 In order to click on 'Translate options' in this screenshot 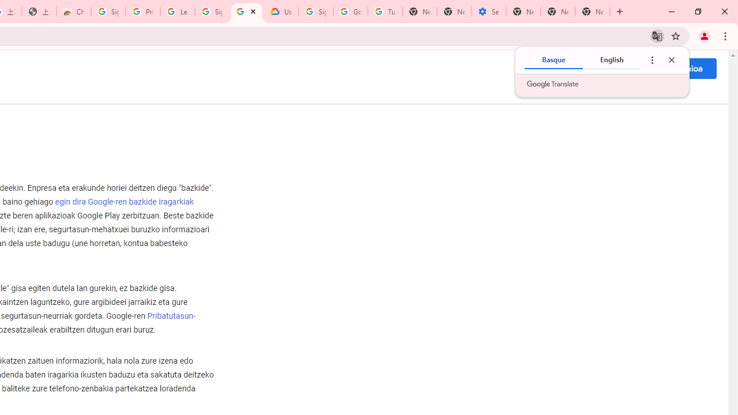, I will do `click(652, 60)`.